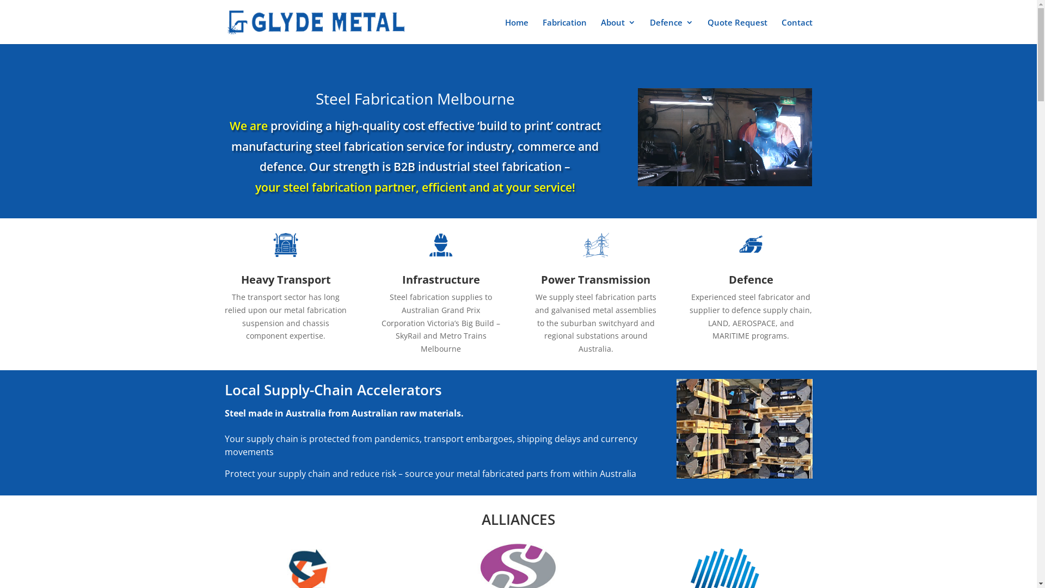 The height and width of the screenshot is (588, 1045). What do you see at coordinates (797, 30) in the screenshot?
I see `'Contact'` at bounding box center [797, 30].